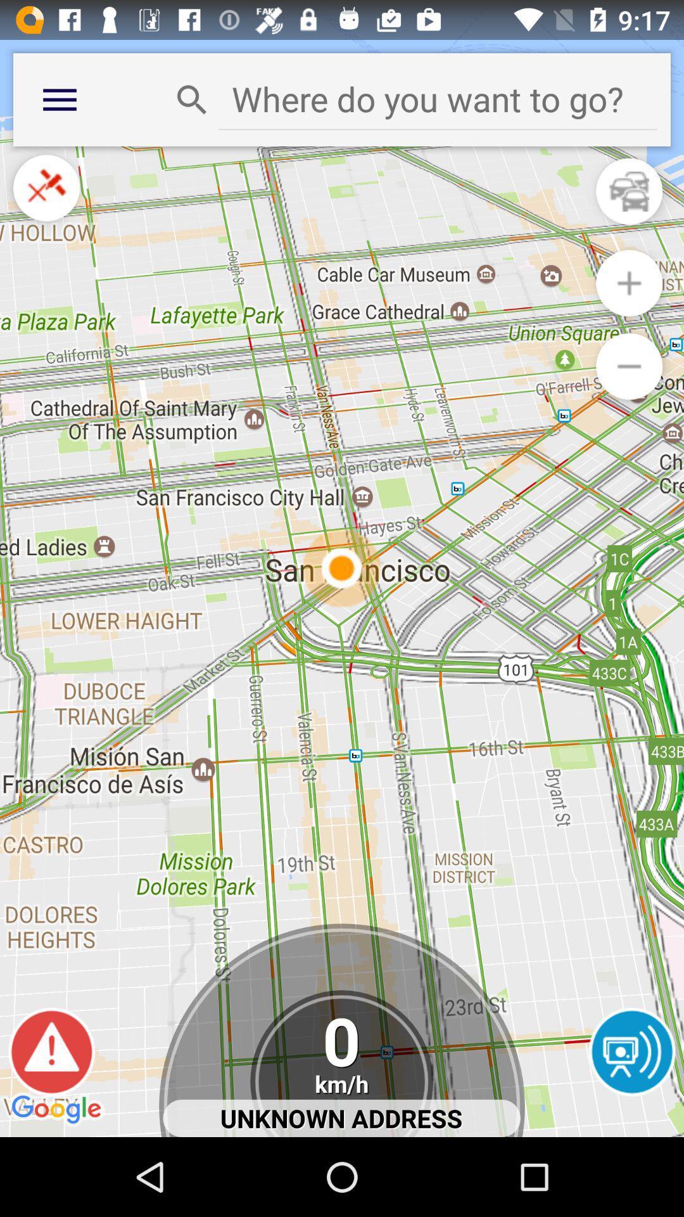  I want to click on the minus icon, so click(629, 391).